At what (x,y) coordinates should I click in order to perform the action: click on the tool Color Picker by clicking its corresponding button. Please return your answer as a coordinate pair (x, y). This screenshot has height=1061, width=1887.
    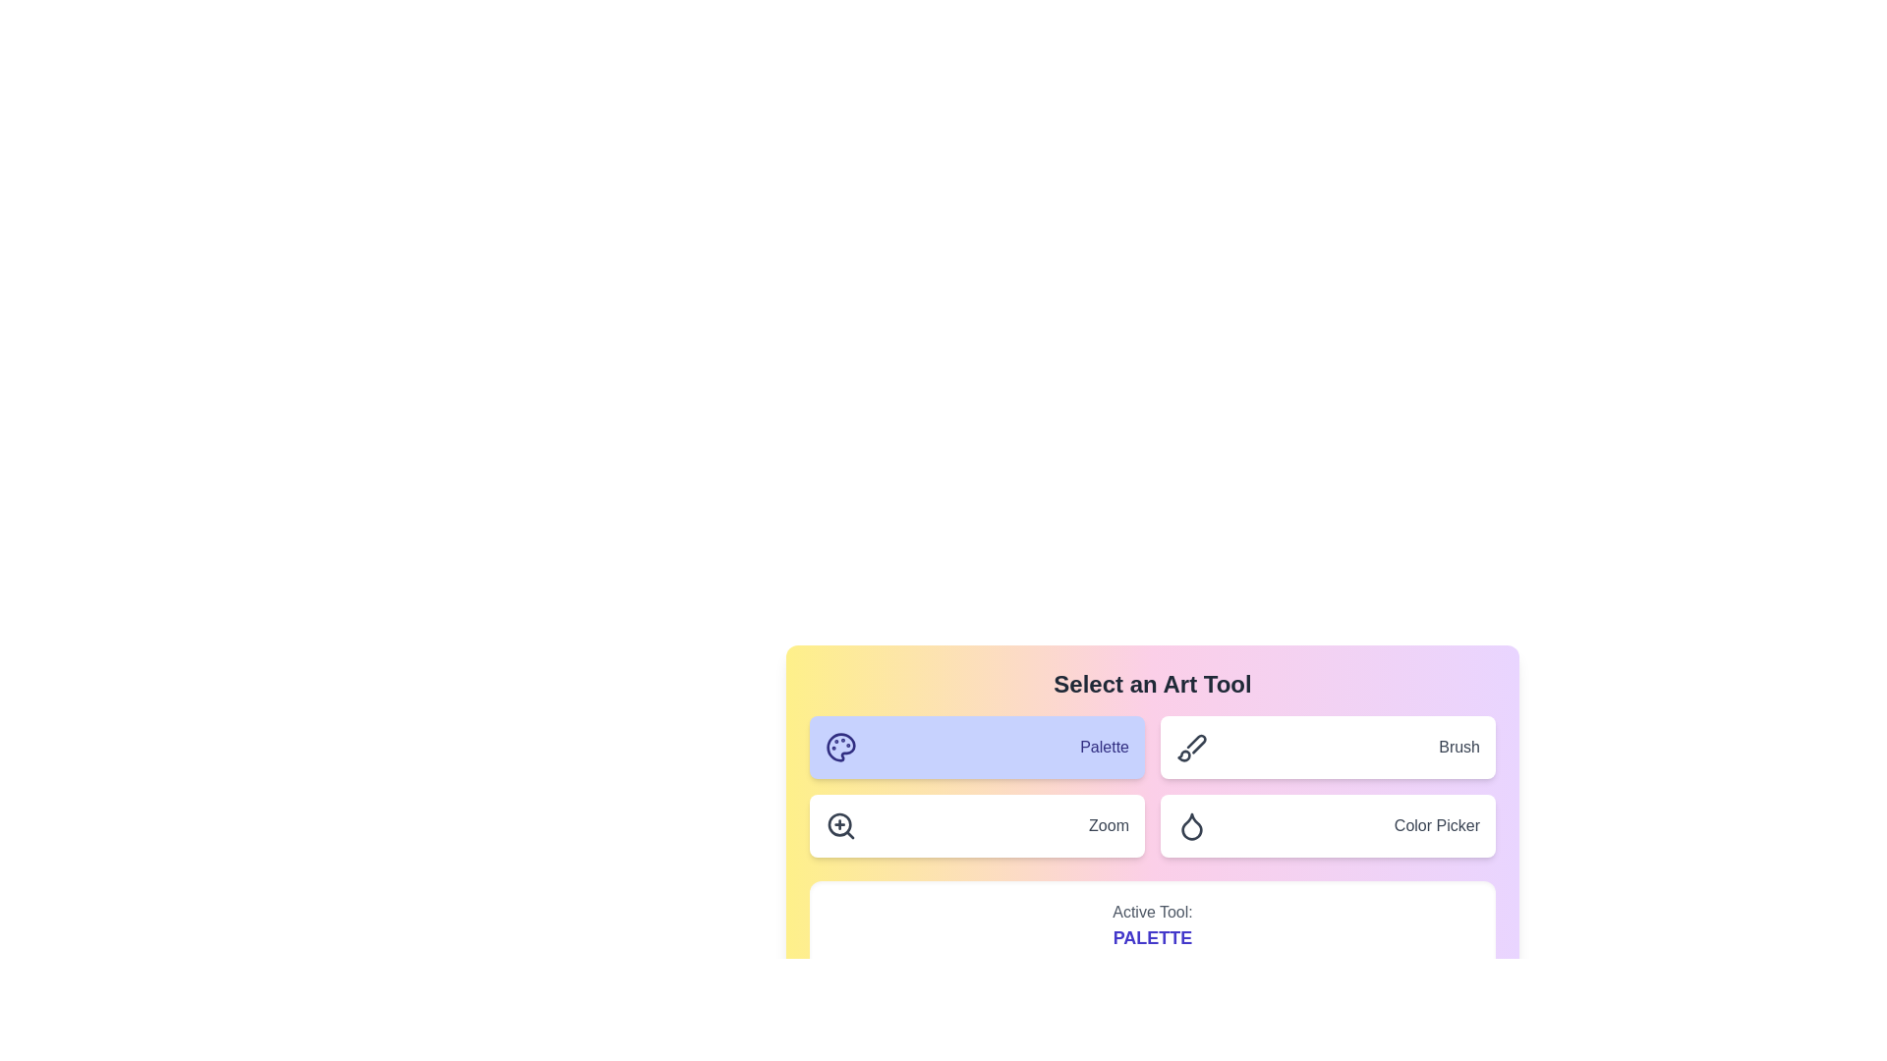
    Looking at the image, I should click on (1328, 825).